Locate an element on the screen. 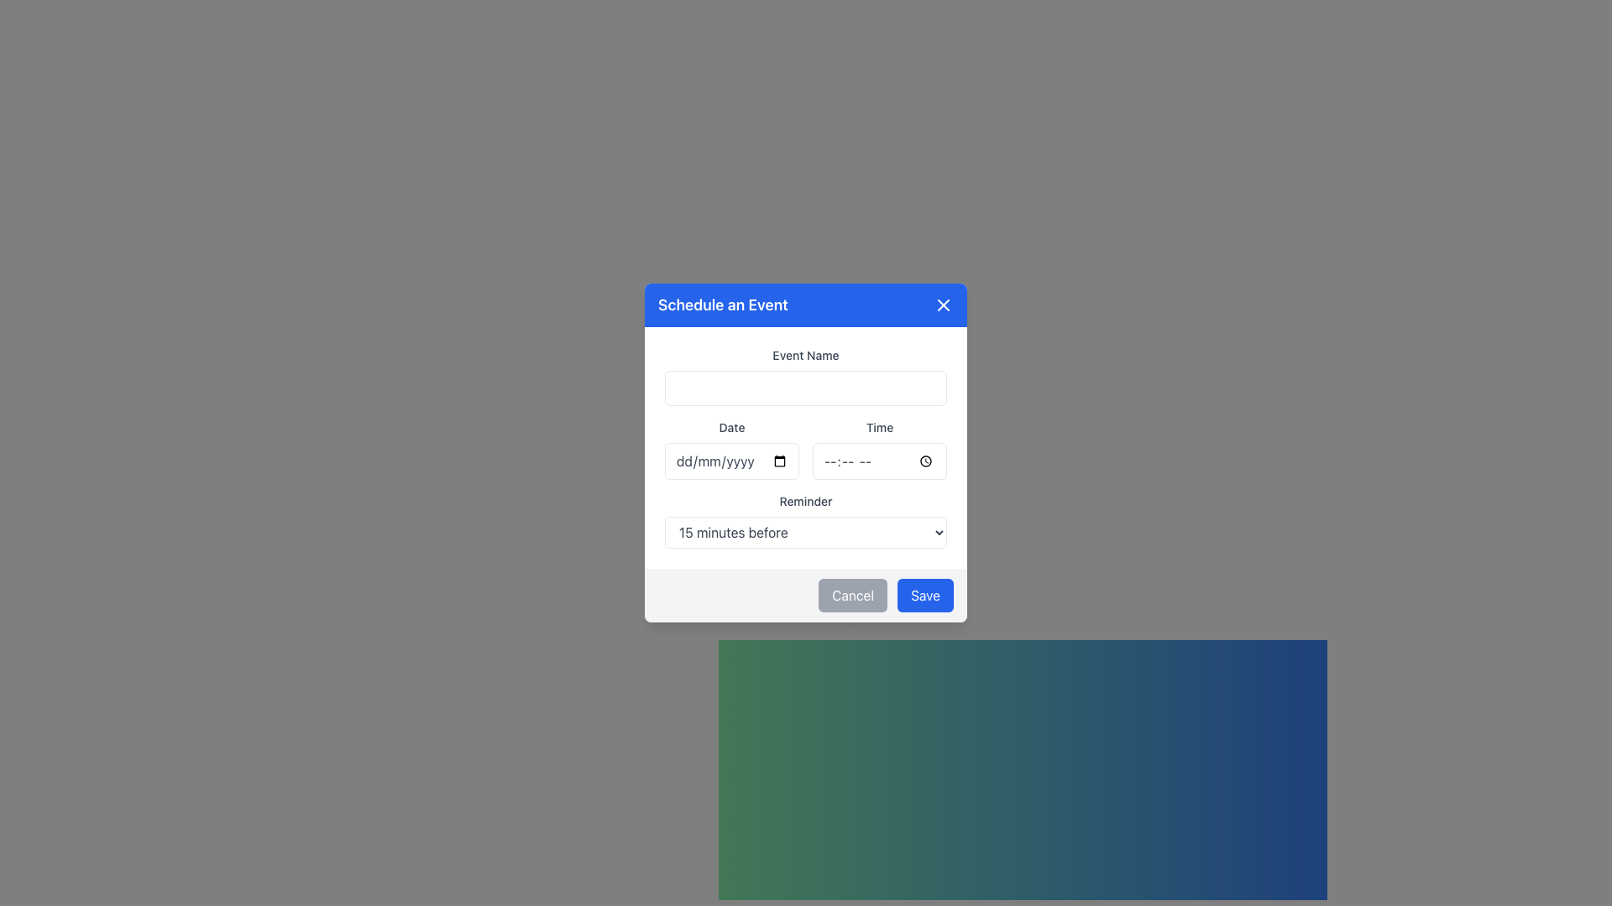 The height and width of the screenshot is (906, 1612). the 'Cancel' button, which is the first button on the bottom-right corner of the dialog box with a gray background and white text is located at coordinates (853, 594).